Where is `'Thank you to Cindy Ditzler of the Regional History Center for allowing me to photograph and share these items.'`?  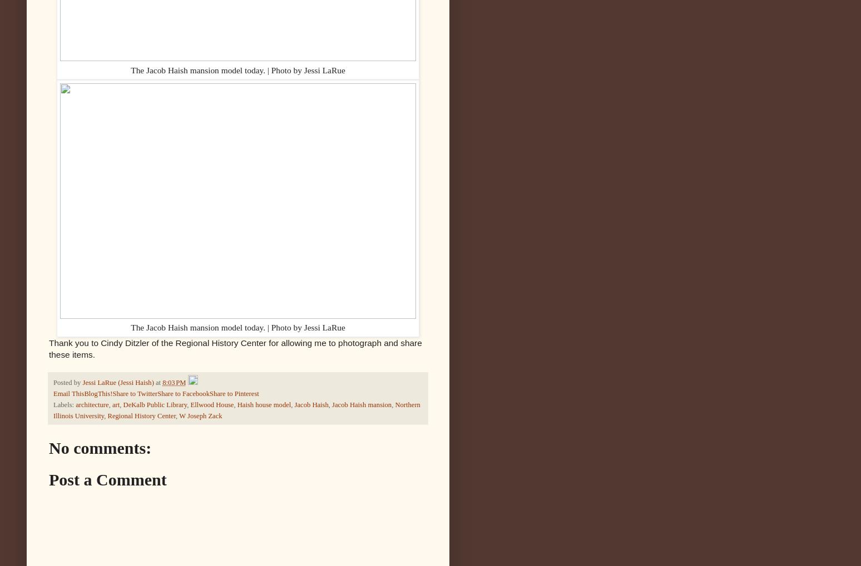
'Thank you to Cindy Ditzler of the Regional History Center for allowing me to photograph and share these items.' is located at coordinates (48, 348).